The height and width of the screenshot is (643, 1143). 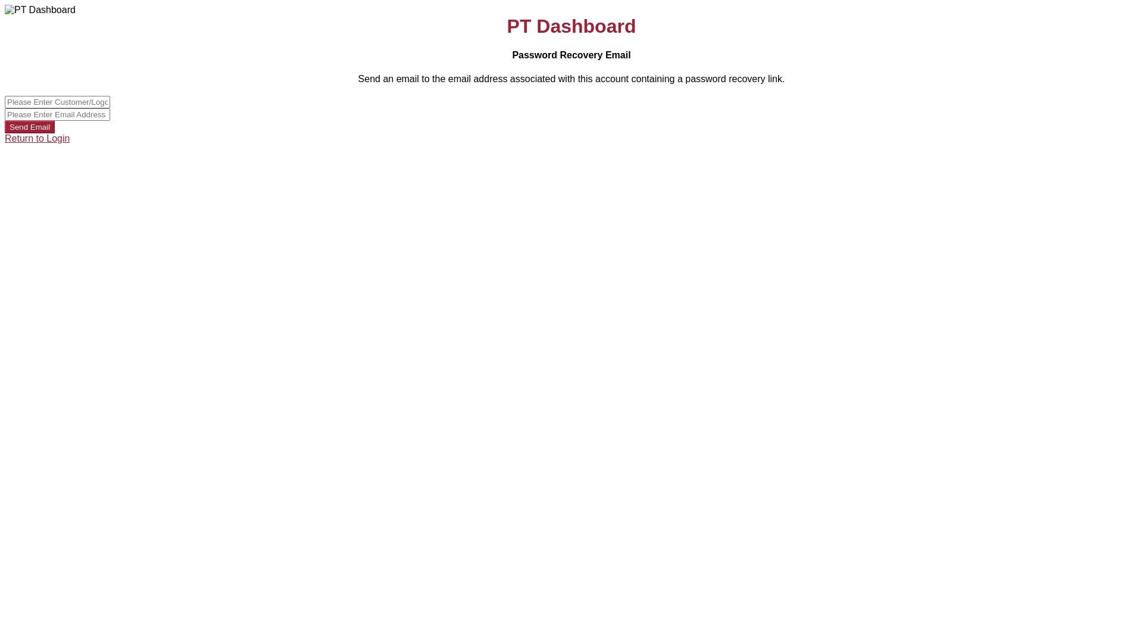 What do you see at coordinates (37, 138) in the screenshot?
I see `'Return to Login'` at bounding box center [37, 138].